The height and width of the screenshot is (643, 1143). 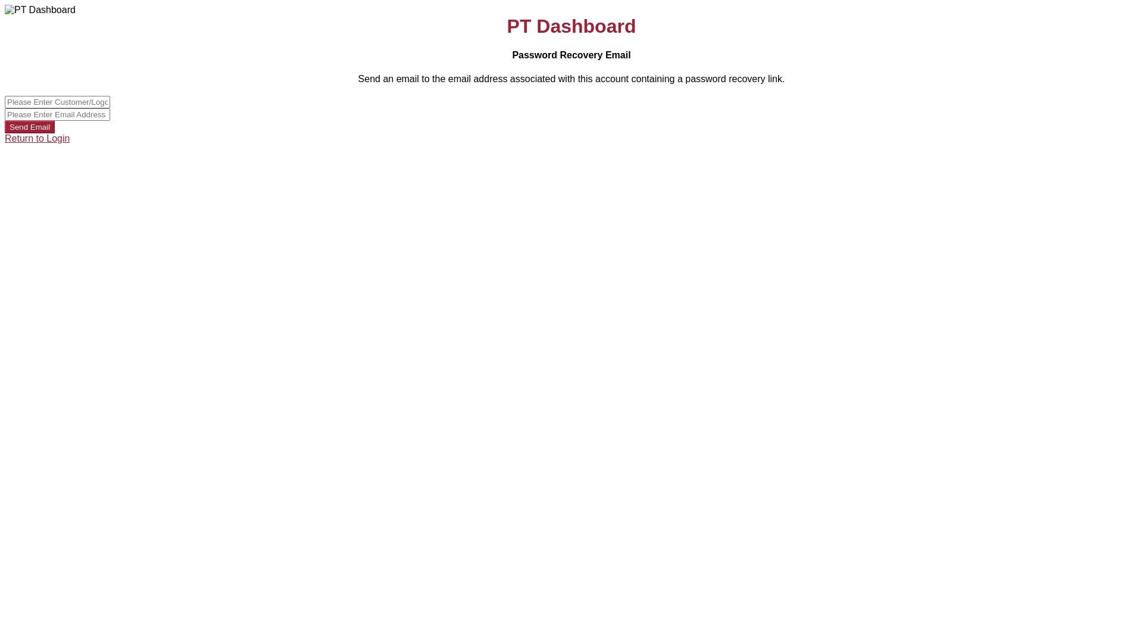 What do you see at coordinates (37, 138) in the screenshot?
I see `'Return to Login'` at bounding box center [37, 138].